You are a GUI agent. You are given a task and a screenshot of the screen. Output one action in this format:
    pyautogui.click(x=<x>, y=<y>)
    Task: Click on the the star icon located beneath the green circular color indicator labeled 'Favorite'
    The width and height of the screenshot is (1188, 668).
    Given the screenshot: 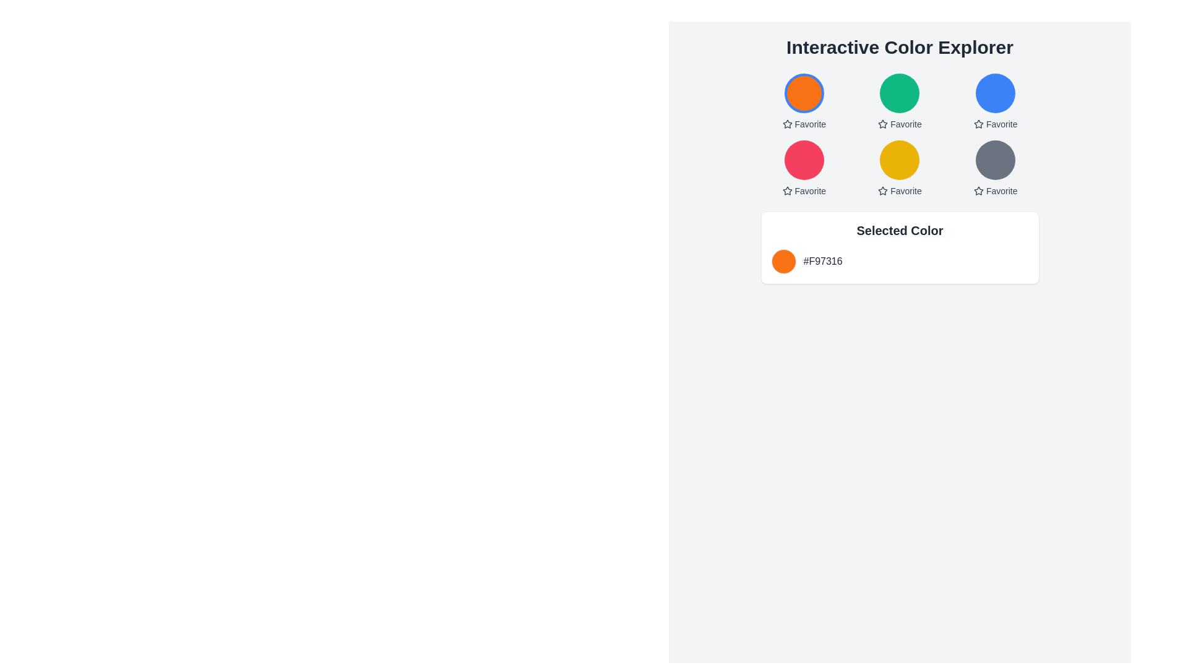 What is the action you would take?
    pyautogui.click(x=882, y=124)
    